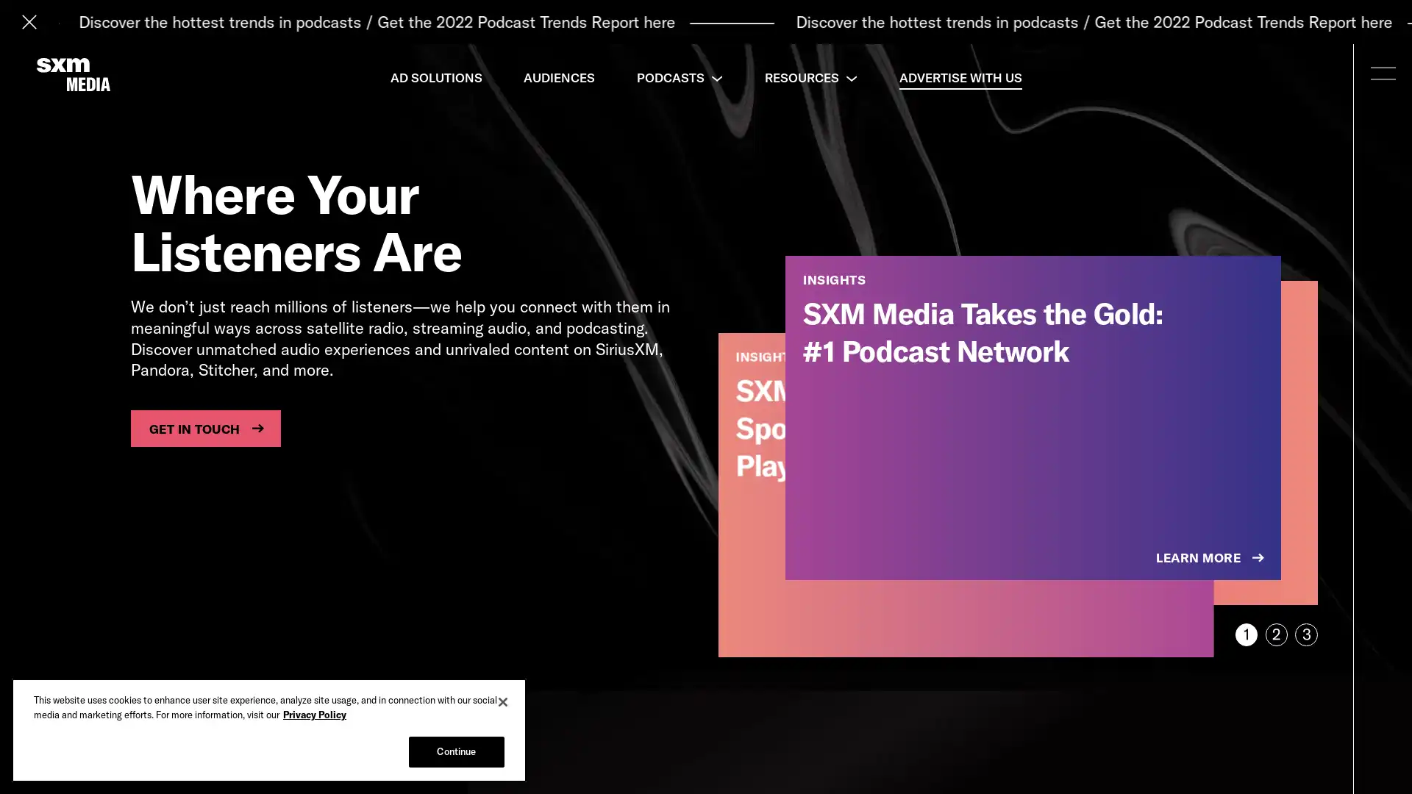  I want to click on Continue, so click(455, 751).